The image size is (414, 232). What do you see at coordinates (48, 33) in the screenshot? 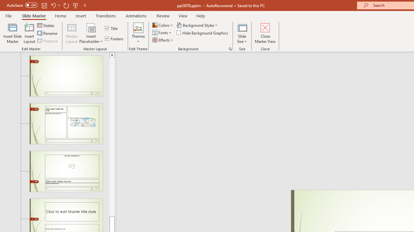
I see `'Rename'` at bounding box center [48, 33].